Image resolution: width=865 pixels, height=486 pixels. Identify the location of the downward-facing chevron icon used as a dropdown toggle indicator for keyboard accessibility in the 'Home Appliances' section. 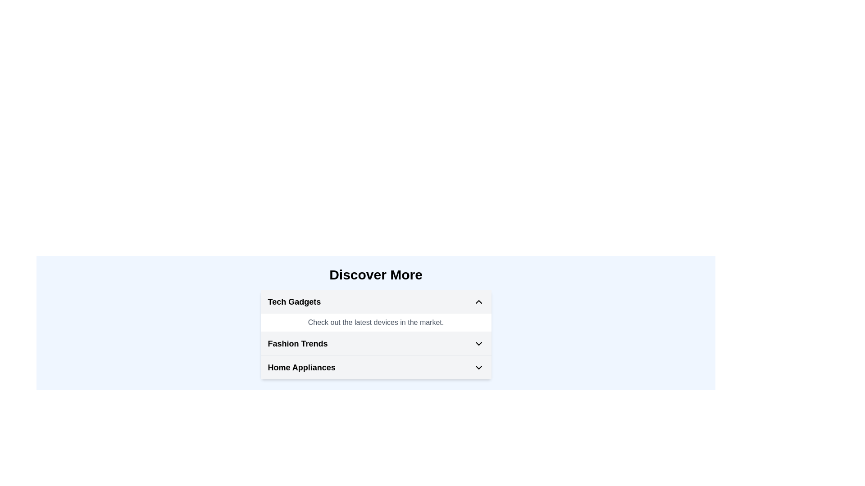
(478, 368).